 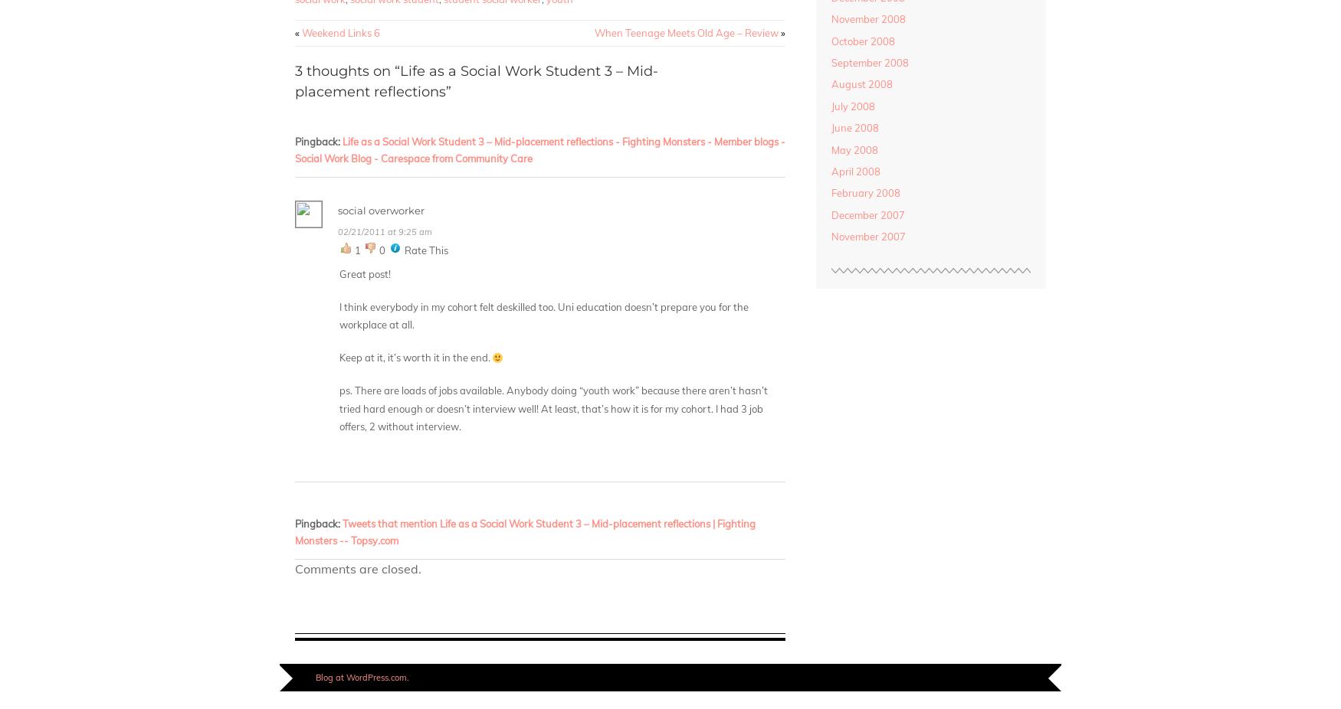 I want to click on 'November 2008', so click(x=830, y=18).